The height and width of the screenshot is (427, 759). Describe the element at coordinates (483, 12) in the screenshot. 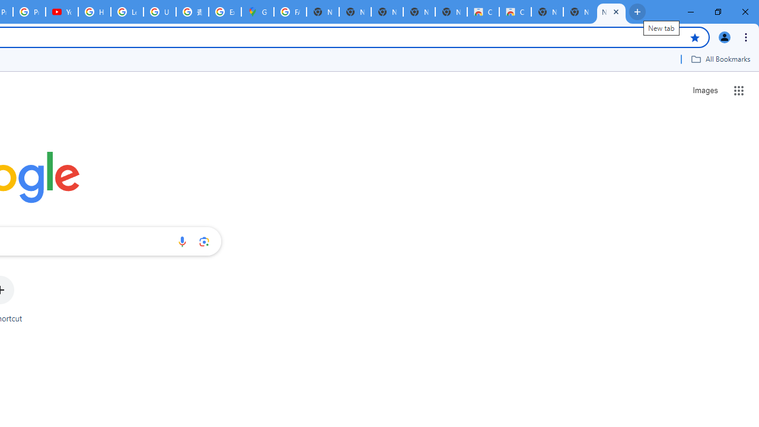

I see `'Classic Blue - Chrome Web Store'` at that location.